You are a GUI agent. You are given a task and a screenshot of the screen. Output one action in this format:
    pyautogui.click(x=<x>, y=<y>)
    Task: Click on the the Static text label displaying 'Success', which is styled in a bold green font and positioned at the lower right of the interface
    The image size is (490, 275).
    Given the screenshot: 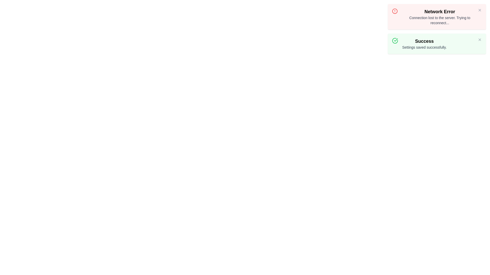 What is the action you would take?
    pyautogui.click(x=424, y=41)
    